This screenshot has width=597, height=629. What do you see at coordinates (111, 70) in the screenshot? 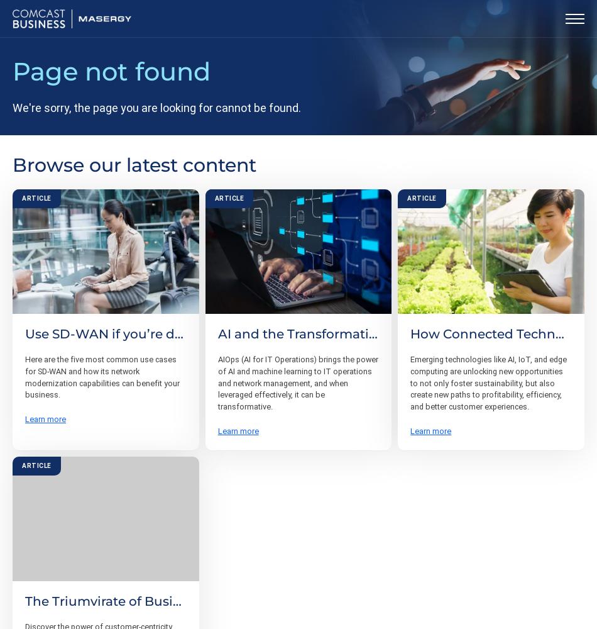
I see `'Page not found'` at bounding box center [111, 70].